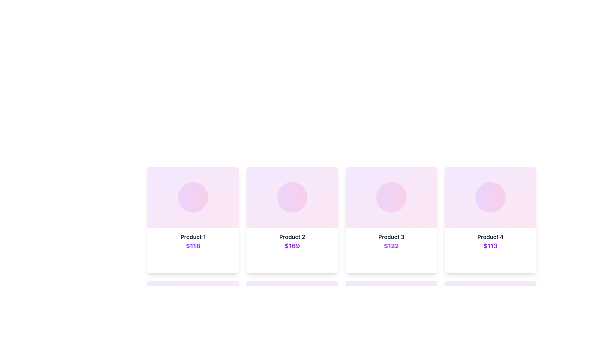 This screenshot has height=341, width=606. What do you see at coordinates (193, 250) in the screenshot?
I see `displayed information from the informational text block that shows the title 'Product 1' in bold and the price '$118' beneath it, located at the bottom of the first card in a horizontal sequence` at bounding box center [193, 250].